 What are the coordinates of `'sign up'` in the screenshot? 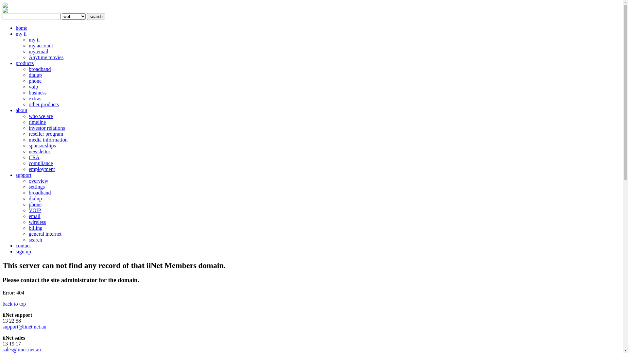 It's located at (23, 251).